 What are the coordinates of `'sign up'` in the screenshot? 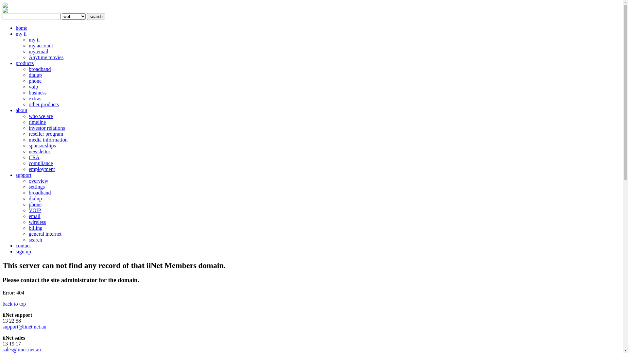 It's located at (23, 251).